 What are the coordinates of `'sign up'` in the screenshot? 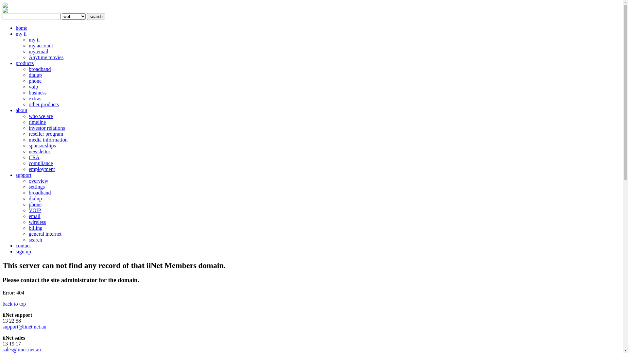 It's located at (23, 251).